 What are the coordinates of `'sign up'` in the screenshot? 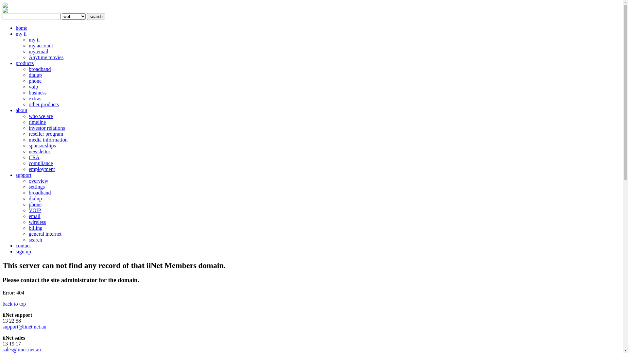 It's located at (23, 251).